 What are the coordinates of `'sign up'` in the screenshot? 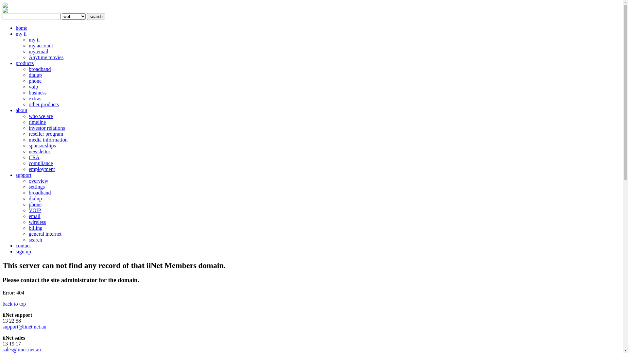 It's located at (23, 251).